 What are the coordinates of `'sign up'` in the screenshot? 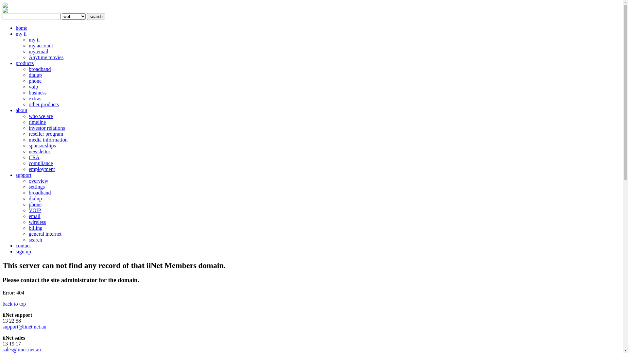 It's located at (23, 251).